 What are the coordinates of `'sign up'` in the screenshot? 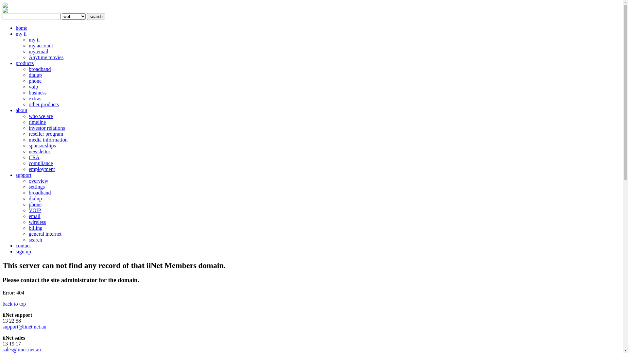 It's located at (23, 251).